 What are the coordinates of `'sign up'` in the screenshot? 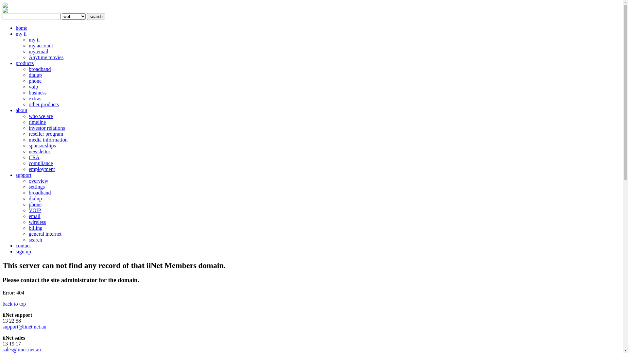 It's located at (23, 251).